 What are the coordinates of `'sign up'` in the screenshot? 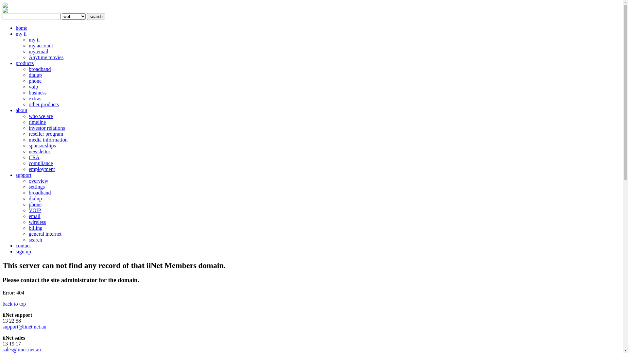 It's located at (23, 251).